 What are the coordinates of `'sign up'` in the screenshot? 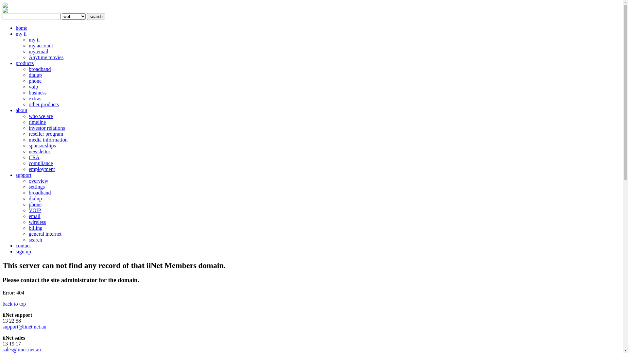 It's located at (23, 251).